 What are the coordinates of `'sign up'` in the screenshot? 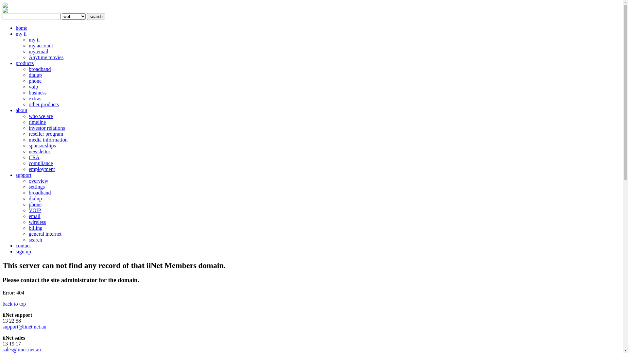 It's located at (23, 251).